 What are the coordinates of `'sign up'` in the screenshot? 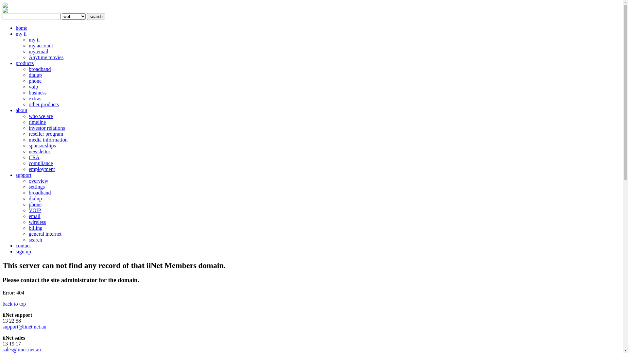 It's located at (23, 251).